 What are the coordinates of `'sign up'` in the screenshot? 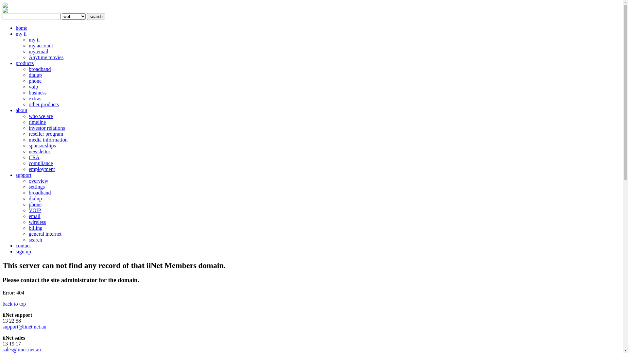 It's located at (23, 251).